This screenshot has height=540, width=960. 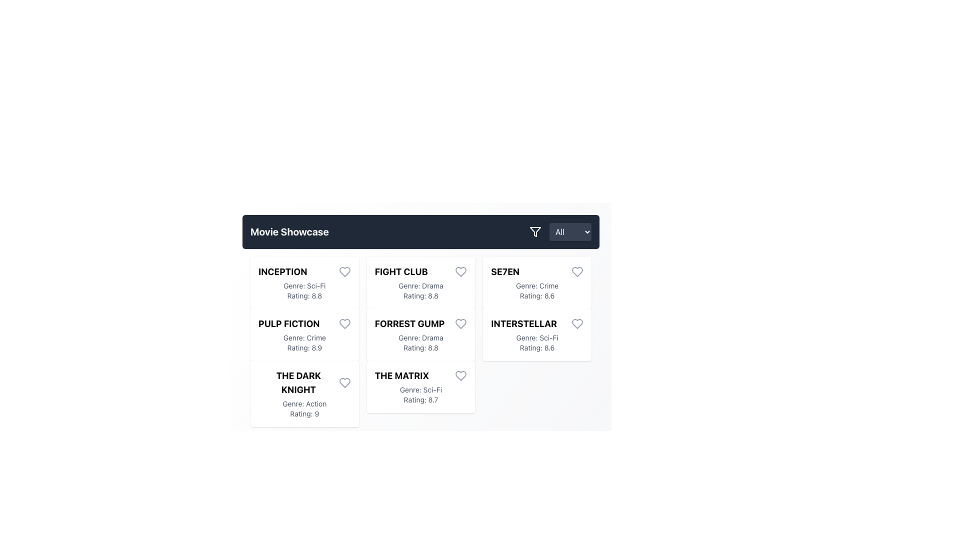 What do you see at coordinates (523, 324) in the screenshot?
I see `the text label displaying the movie title 'Interstellar' located in the bottom-right content card of the grid layout` at bounding box center [523, 324].